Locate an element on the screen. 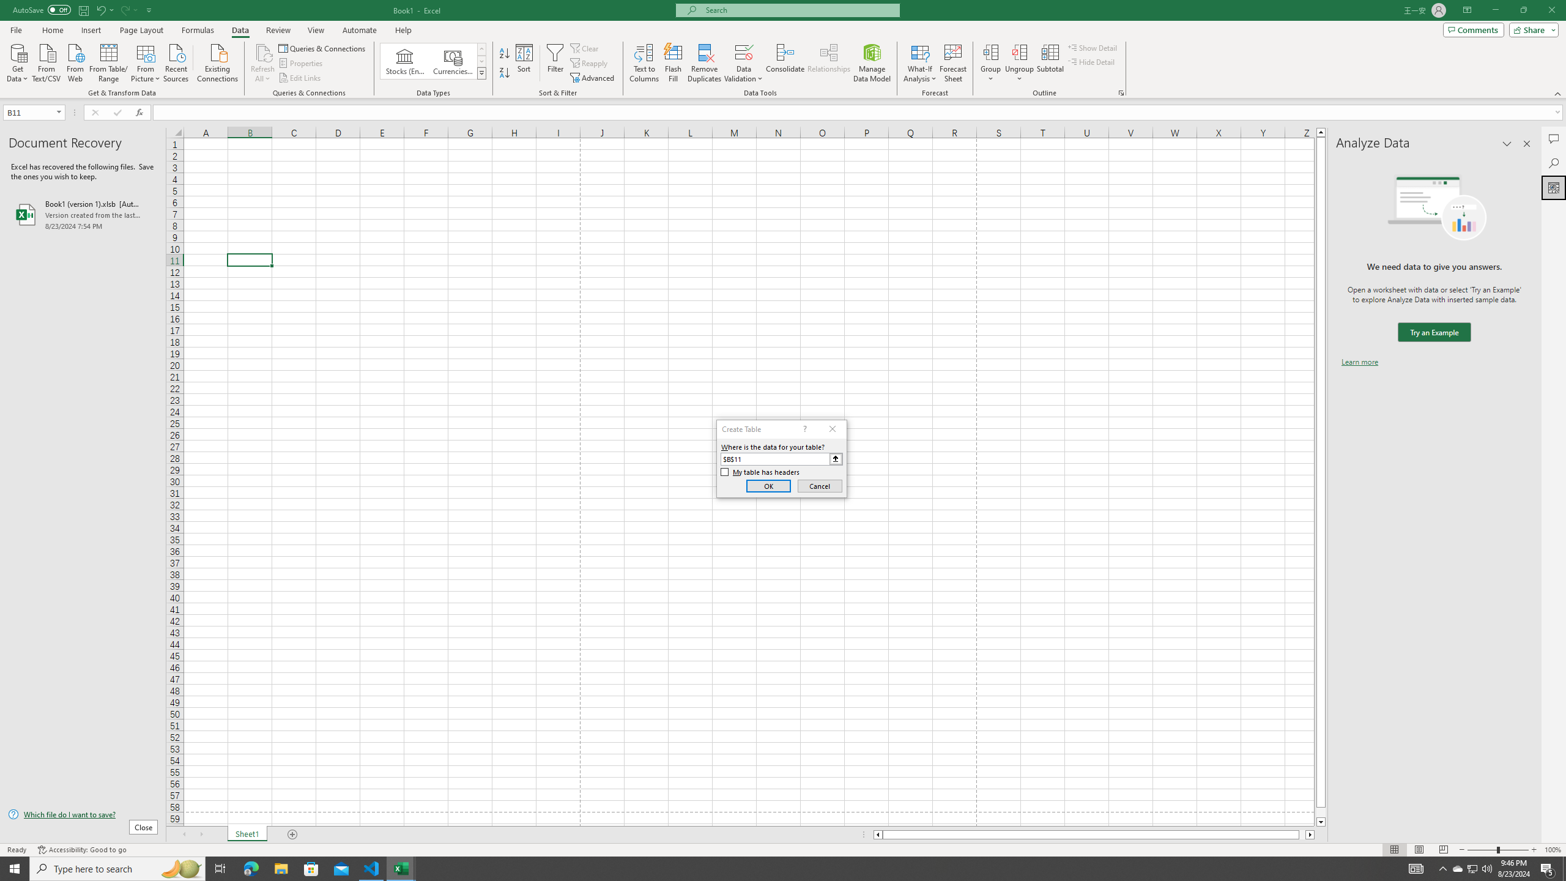 The height and width of the screenshot is (881, 1566). 'Subtotal' is located at coordinates (1050, 63).